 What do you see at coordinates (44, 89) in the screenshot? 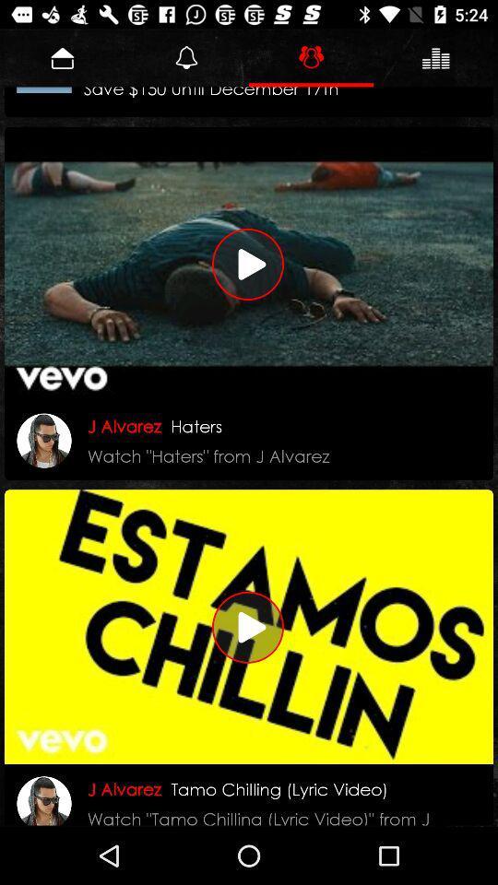
I see `the item to the left of ste anne s icon` at bounding box center [44, 89].